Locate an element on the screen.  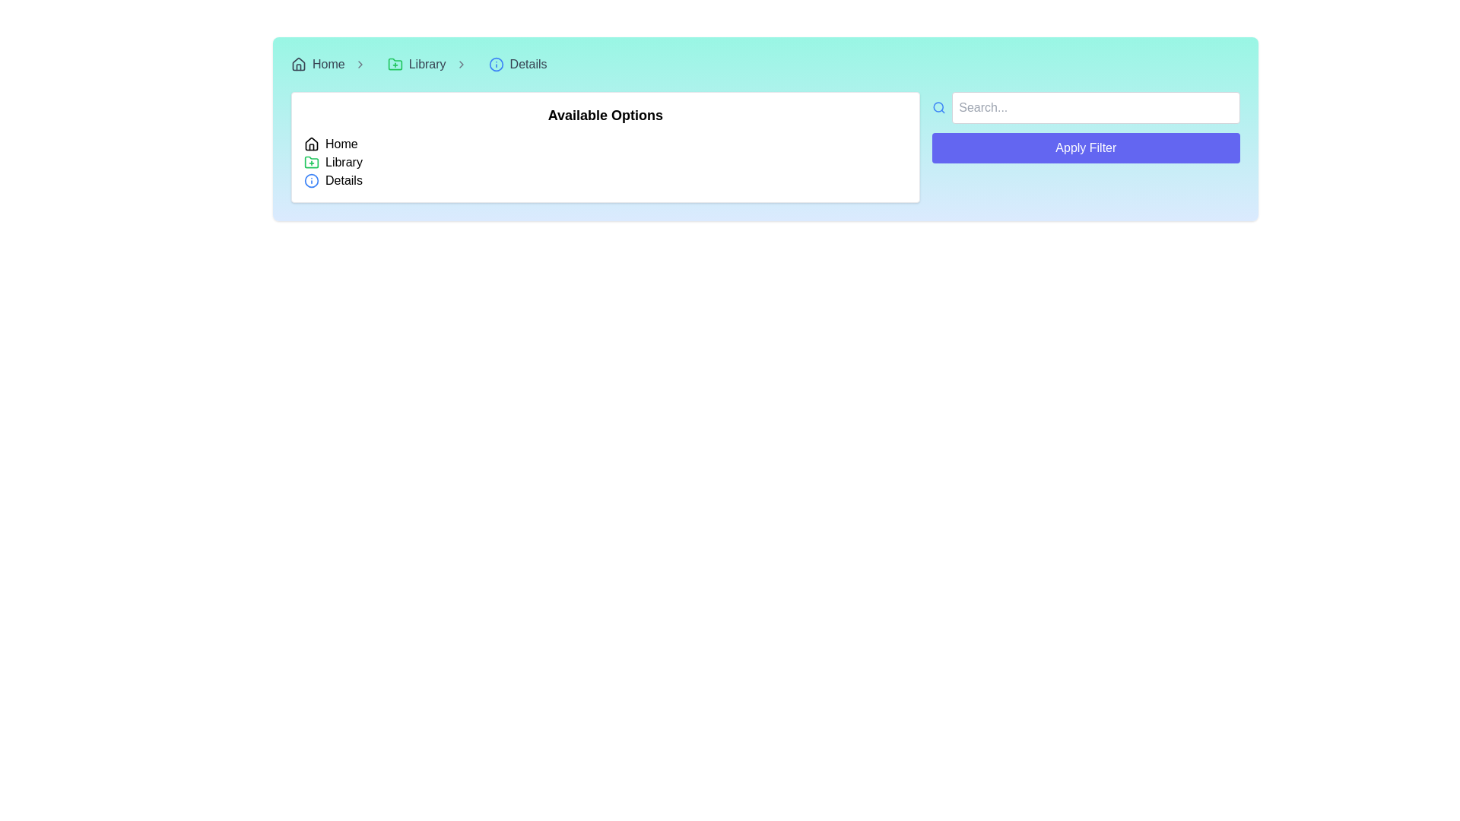
the 'Home' breadcrumb navigation label is located at coordinates (328, 63).